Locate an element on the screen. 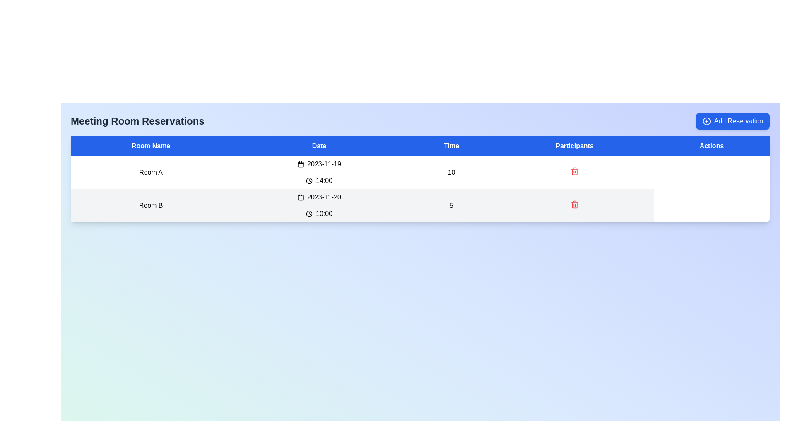 This screenshot has width=795, height=447. the delete Icon button located in the Participants column of the first row of the table is located at coordinates (574, 172).